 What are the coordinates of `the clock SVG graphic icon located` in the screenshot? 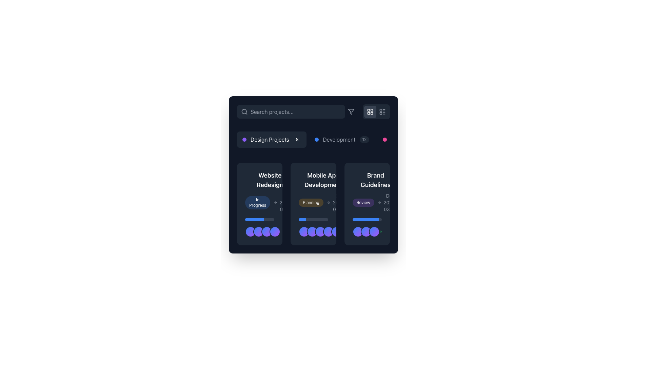 It's located at (379, 202).